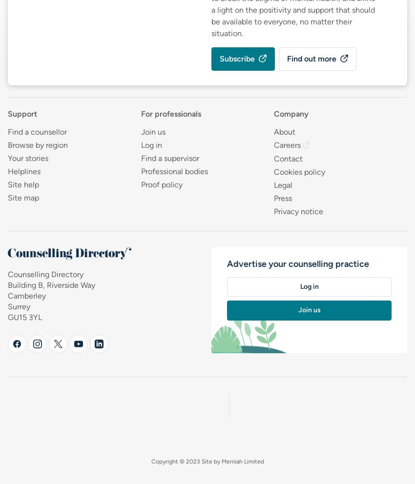 The width and height of the screenshot is (415, 484). What do you see at coordinates (23, 184) in the screenshot?
I see `'Site help'` at bounding box center [23, 184].